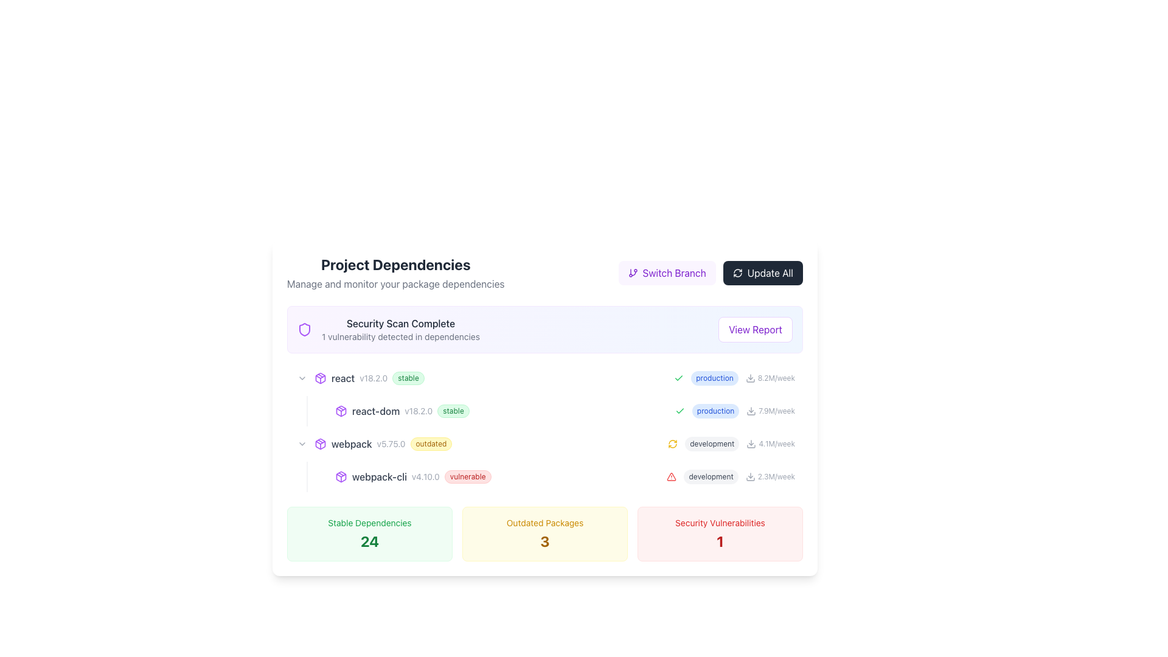  What do you see at coordinates (776, 443) in the screenshot?
I see `the text label '4.1M/week' rendered in gray font, located in the third row of the main content table, next to the text 'development' and to the right of a small download icon` at bounding box center [776, 443].